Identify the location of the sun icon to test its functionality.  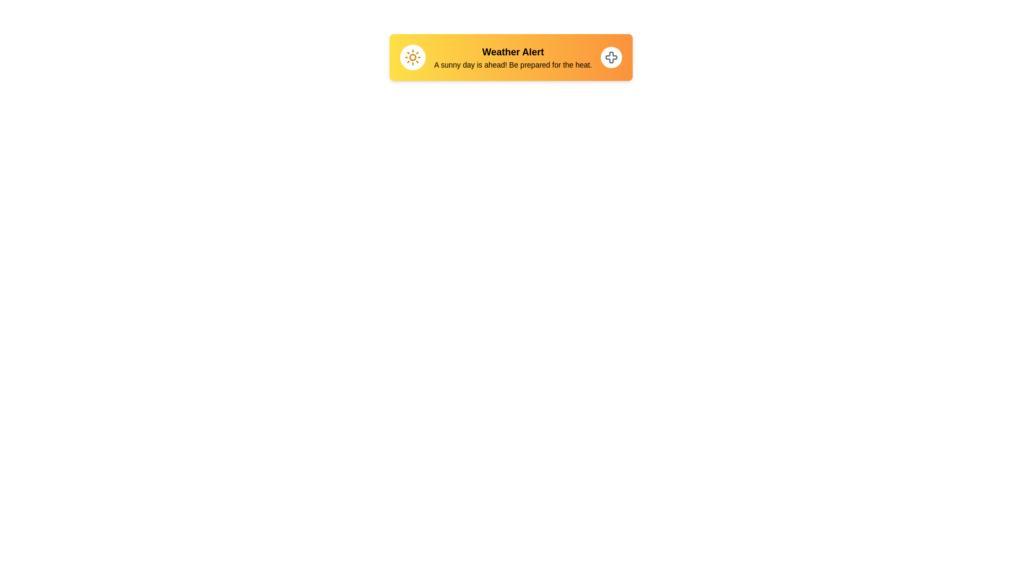
(412, 57).